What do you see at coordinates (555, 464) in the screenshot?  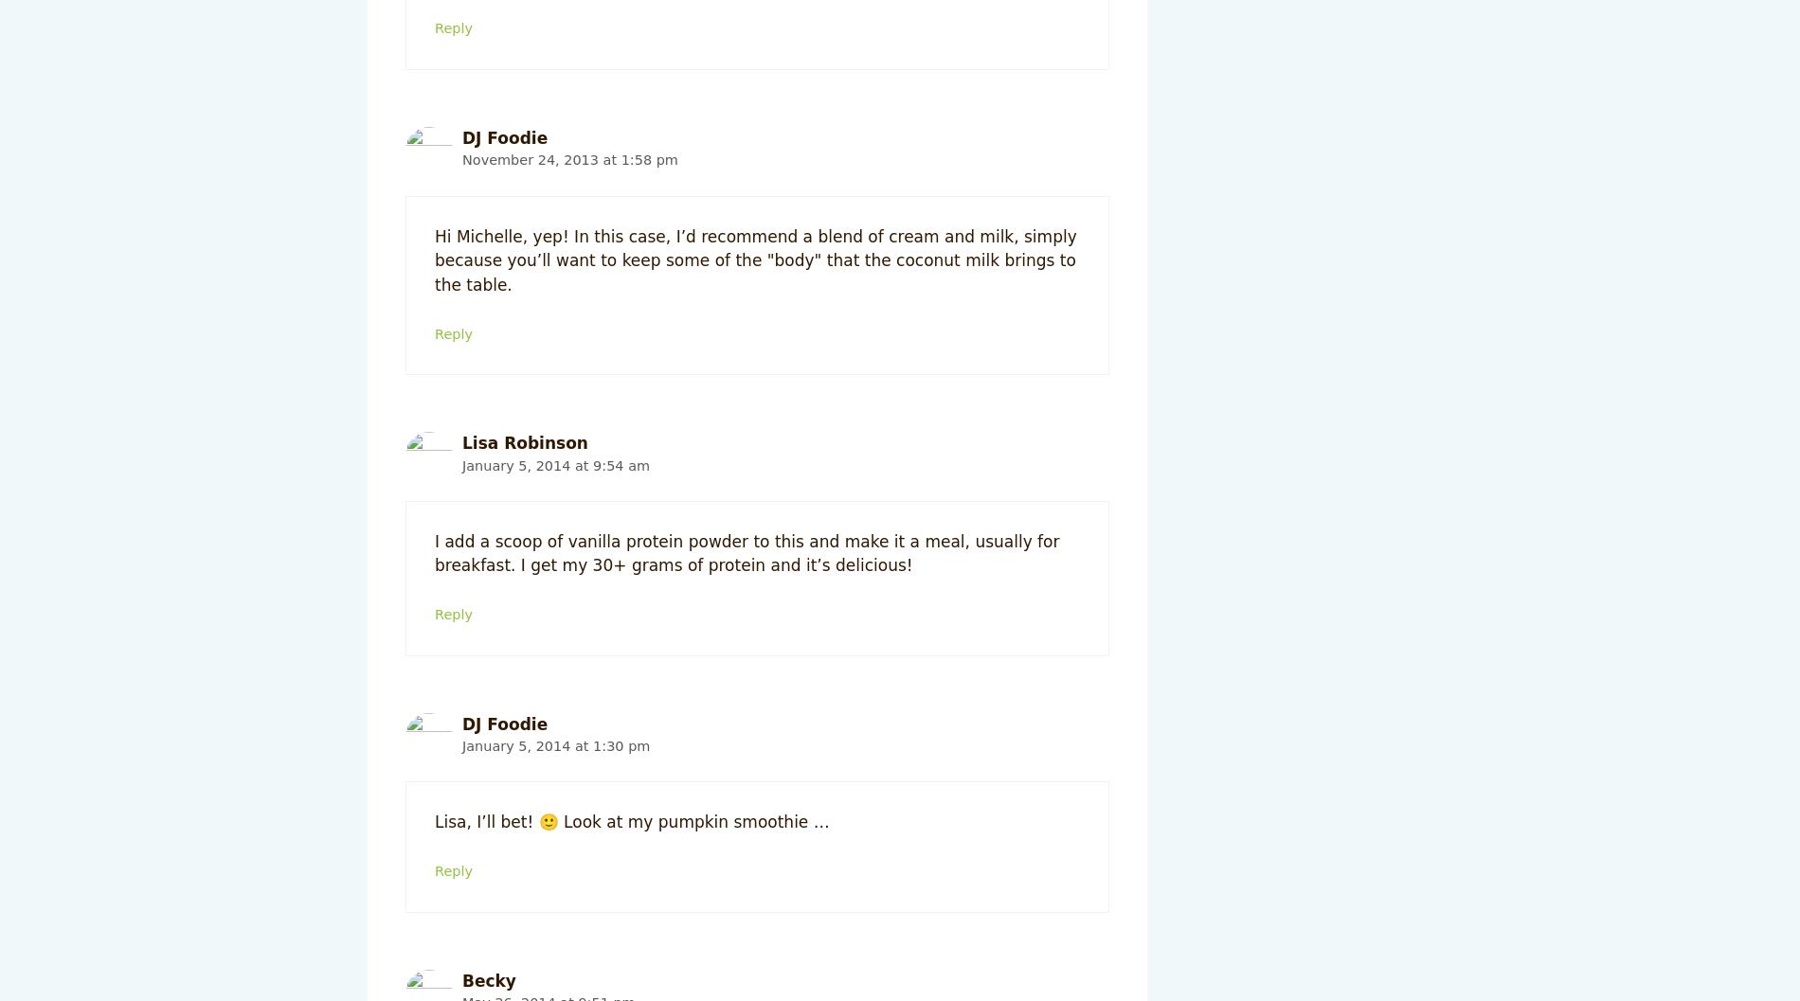 I see `'January 5, 2014 at 9:54 am'` at bounding box center [555, 464].